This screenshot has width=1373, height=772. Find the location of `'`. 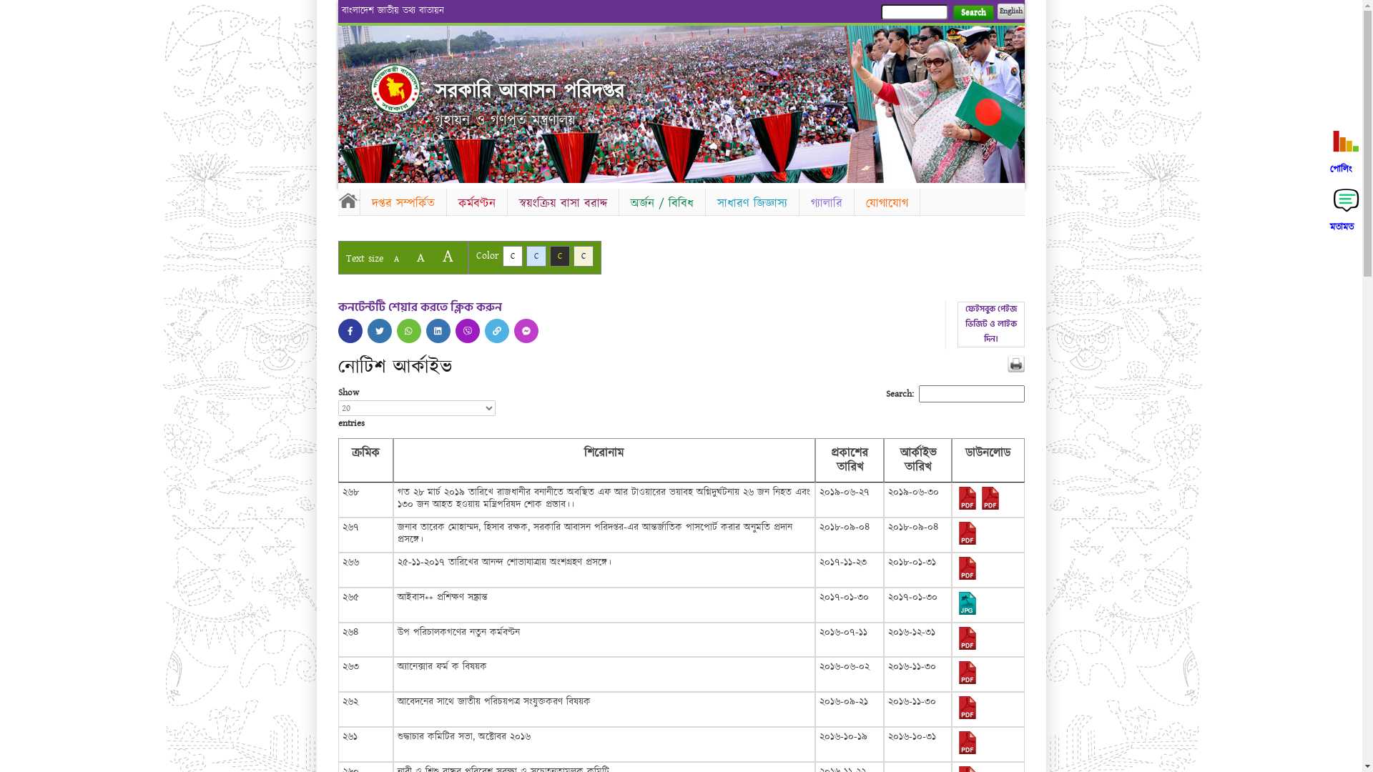

' is located at coordinates (395, 88).